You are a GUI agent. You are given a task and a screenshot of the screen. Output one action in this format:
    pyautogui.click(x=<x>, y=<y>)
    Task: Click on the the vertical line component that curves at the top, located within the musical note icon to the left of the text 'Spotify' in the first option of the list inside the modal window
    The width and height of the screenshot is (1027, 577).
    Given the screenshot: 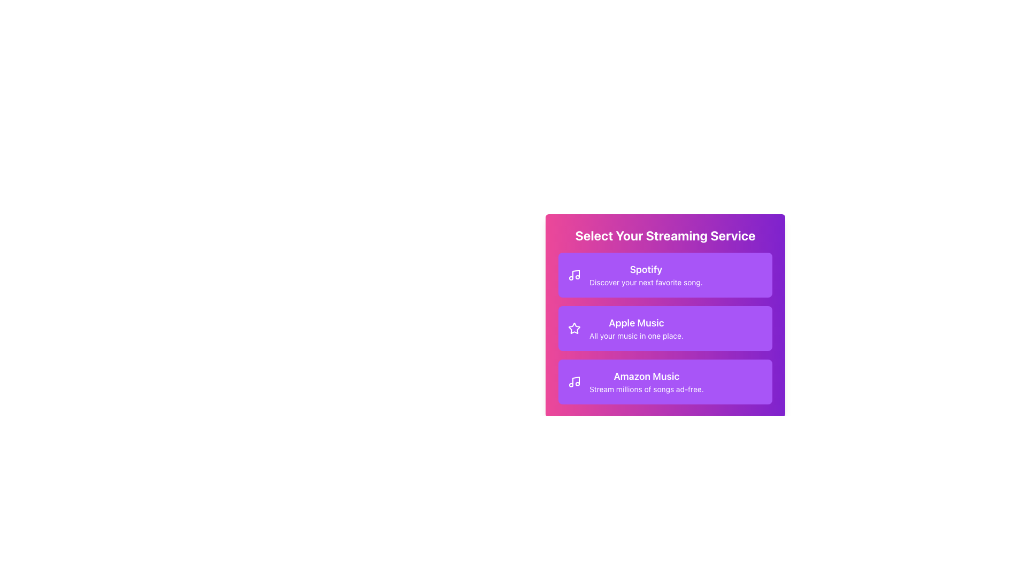 What is the action you would take?
    pyautogui.click(x=575, y=274)
    